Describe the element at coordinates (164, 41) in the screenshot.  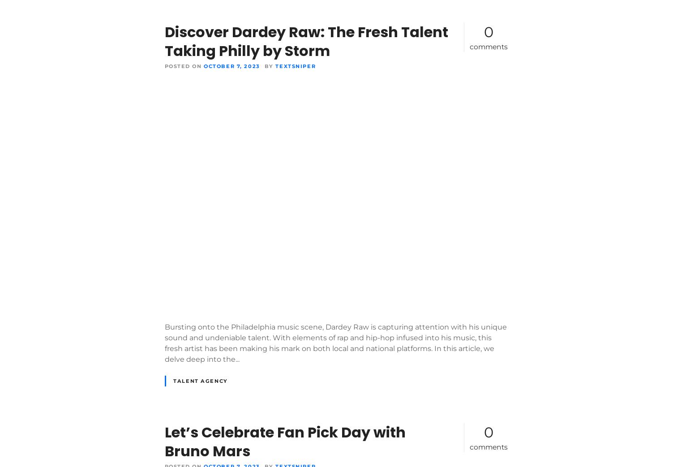
I see `'Discover Dardey Raw: The Fresh Talent Taking Philly by Storm'` at that location.